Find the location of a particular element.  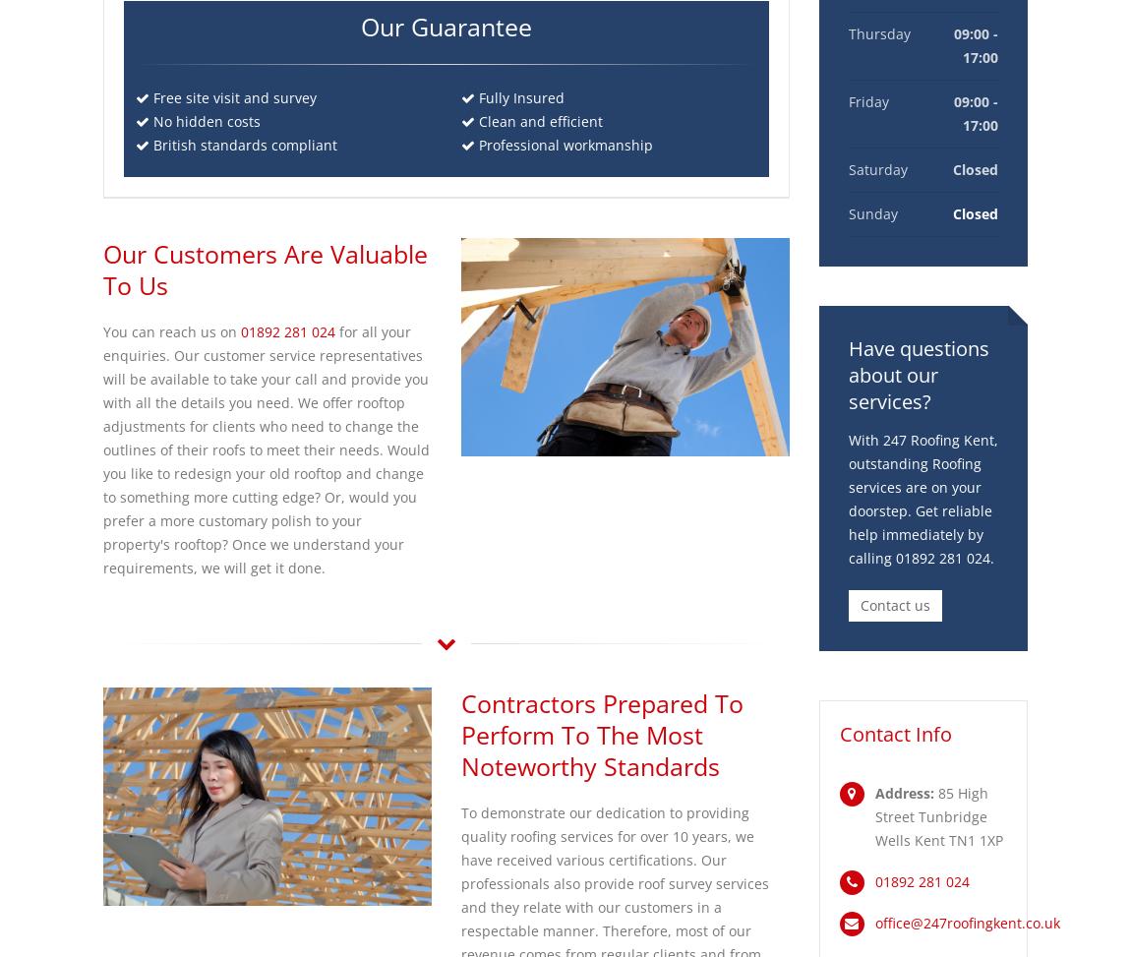

'for all your enquiries. Our customer service representatives will be available to take your call and provide you with all the details you need. We offer rooftop adjustments for clients who need to change the outlines of their roofs to meet their needs. Would you like to redesign your old rooftop and change to something more cutting edge? Or, would you prefer a more customary polish to your property's rooftop? Once we understand your requirements, we will get it done.' is located at coordinates (266, 449).